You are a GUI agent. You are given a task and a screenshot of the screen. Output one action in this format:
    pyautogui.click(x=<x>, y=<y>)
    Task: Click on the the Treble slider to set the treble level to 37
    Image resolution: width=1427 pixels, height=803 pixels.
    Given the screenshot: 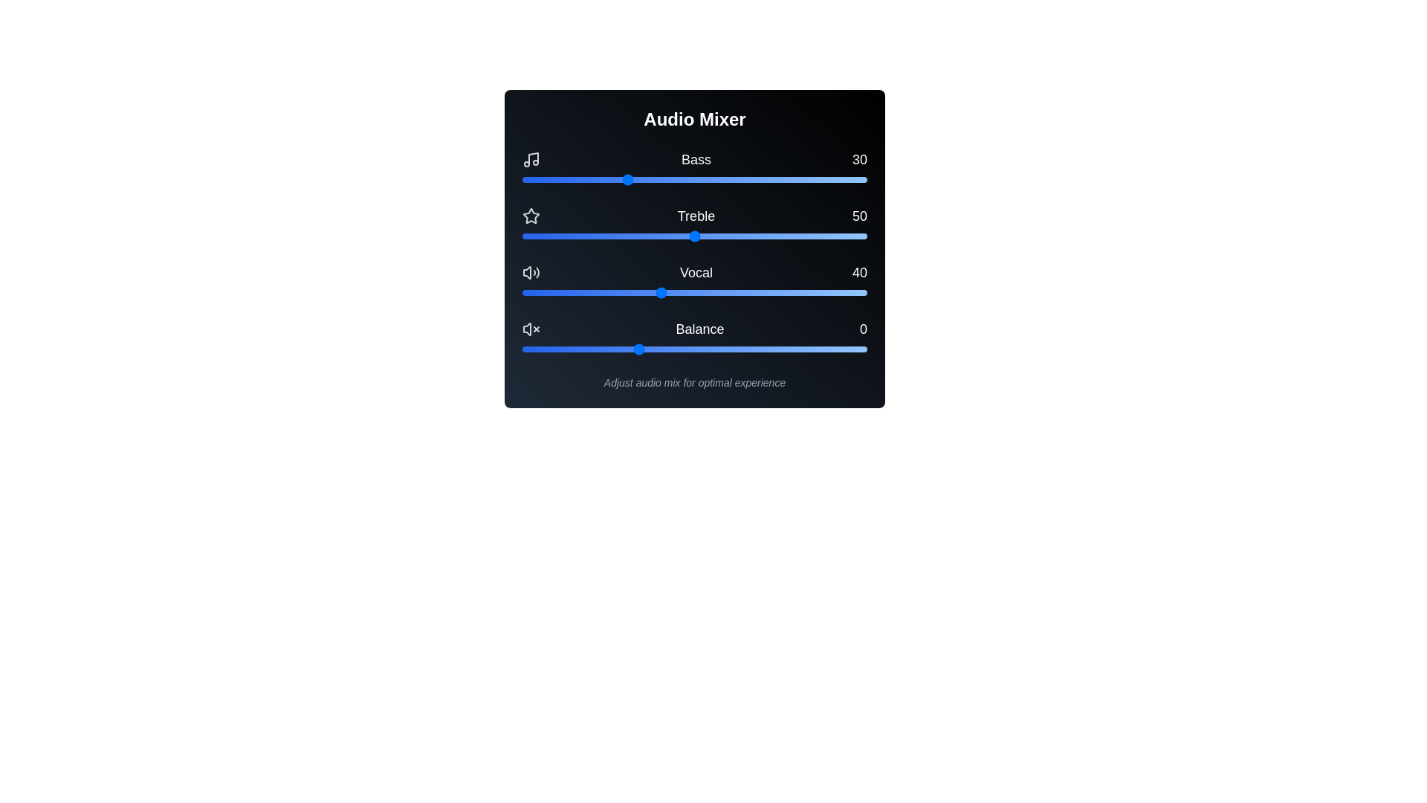 What is the action you would take?
    pyautogui.click(x=650, y=235)
    